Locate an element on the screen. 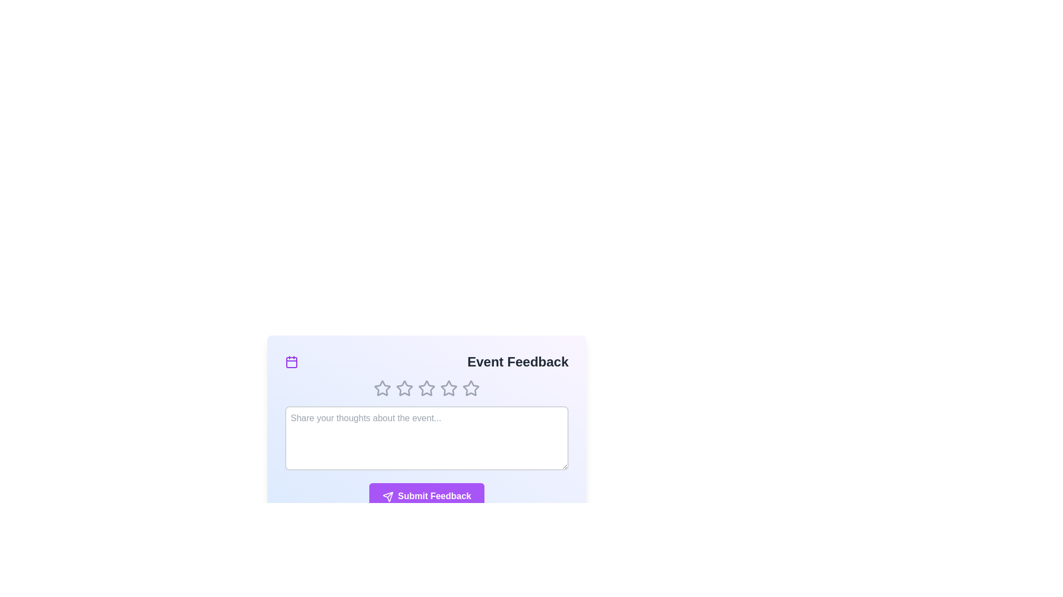 This screenshot has height=597, width=1063. the third star in the horizontal row of five grey rating stars in the 'Event Feedback' panel is located at coordinates (426, 387).